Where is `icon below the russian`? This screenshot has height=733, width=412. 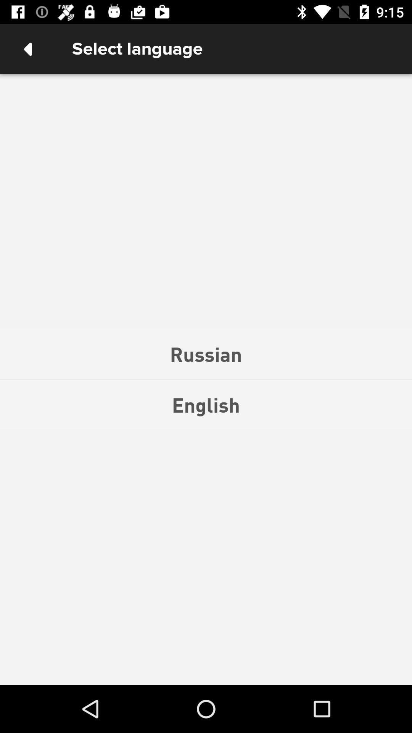
icon below the russian is located at coordinates (206, 404).